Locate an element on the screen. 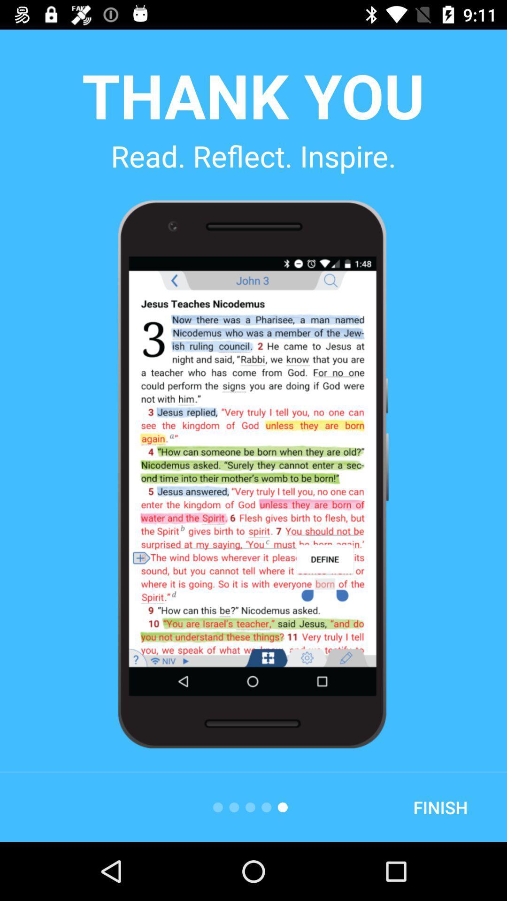  thank you item is located at coordinates (253, 95).